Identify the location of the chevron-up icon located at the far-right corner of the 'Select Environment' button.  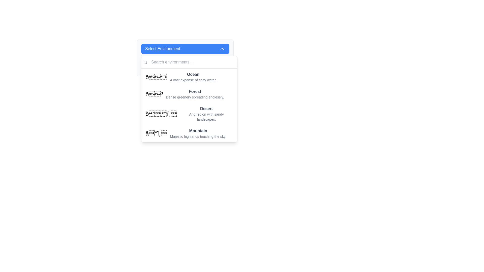
(222, 49).